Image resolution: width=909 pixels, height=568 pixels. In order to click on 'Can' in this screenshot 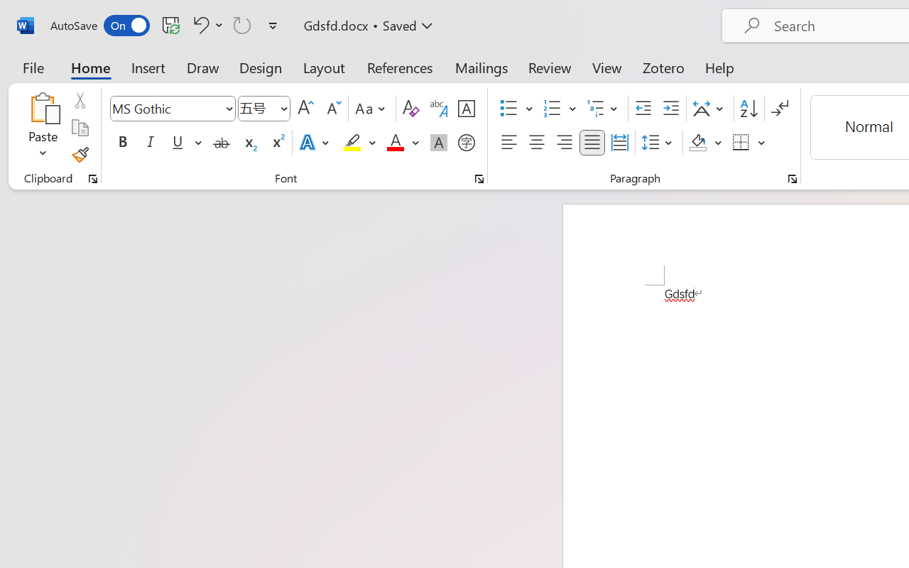, I will do `click(242, 24)`.